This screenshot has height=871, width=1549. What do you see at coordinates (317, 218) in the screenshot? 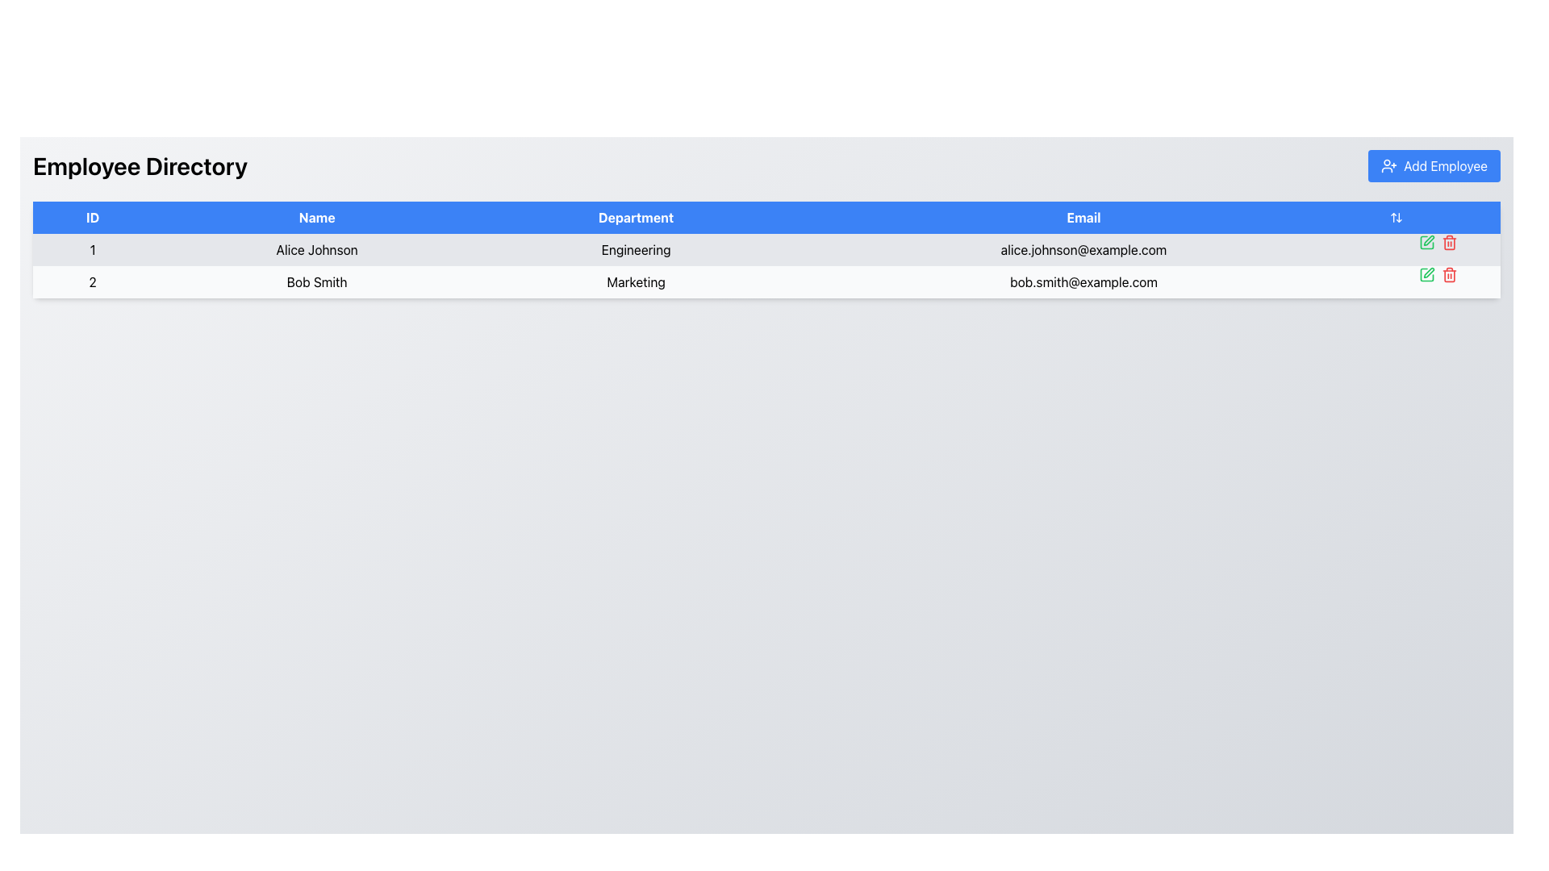
I see `the 'Name' column header label in the table, which indicates that the column contains names of individuals` at bounding box center [317, 218].